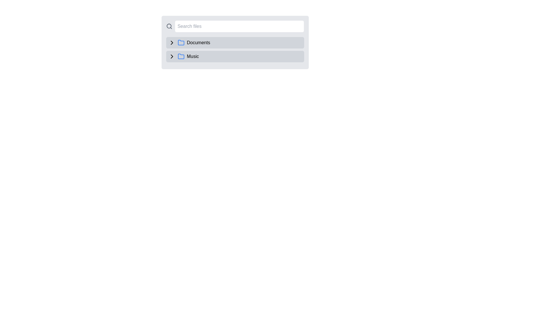 The height and width of the screenshot is (310, 552). Describe the element at coordinates (181, 56) in the screenshot. I see `the blue folder icon located next` at that location.